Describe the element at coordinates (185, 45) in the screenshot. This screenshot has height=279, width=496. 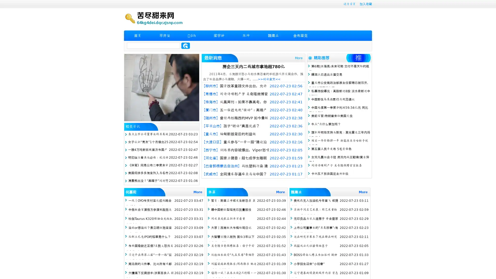
I see `Search` at that location.